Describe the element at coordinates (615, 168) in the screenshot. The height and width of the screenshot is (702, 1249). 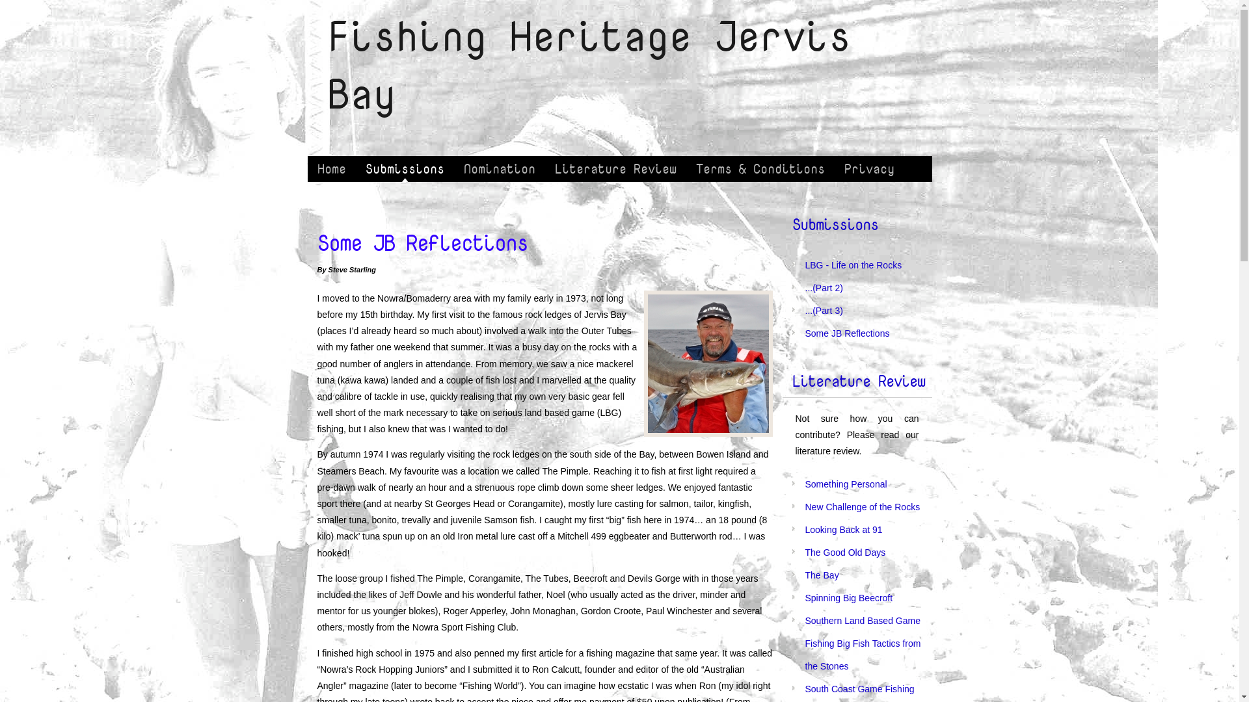
I see `'Literature Review'` at that location.